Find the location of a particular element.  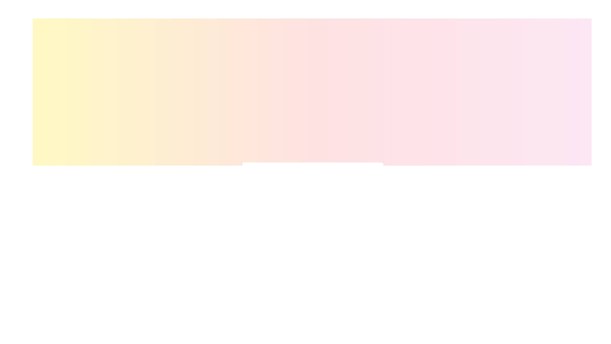

the Notification Card that informs the user about the successful placement of their order with a specific ID, positioned centrally within the visual frame, slightly above the promotion notification is located at coordinates (312, 175).